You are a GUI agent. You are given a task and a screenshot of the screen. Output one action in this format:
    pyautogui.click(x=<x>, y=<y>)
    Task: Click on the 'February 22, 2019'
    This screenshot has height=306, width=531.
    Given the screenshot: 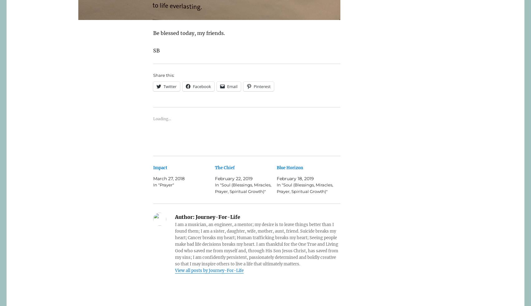 What is the action you would take?
    pyautogui.click(x=233, y=179)
    